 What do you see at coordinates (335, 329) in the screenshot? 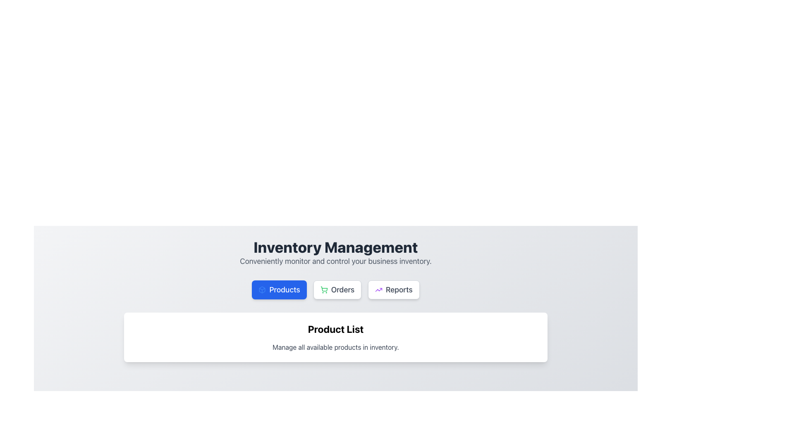
I see `the Header Text element that labels the section for listing products, positioned above the descriptive text 'Manage all available products in inventory.'` at bounding box center [335, 329].